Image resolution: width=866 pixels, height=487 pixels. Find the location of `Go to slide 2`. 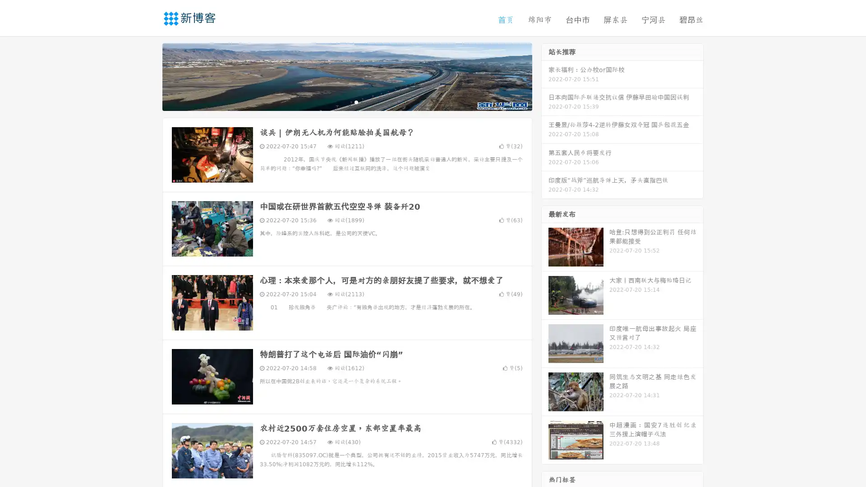

Go to slide 2 is located at coordinates (346, 101).